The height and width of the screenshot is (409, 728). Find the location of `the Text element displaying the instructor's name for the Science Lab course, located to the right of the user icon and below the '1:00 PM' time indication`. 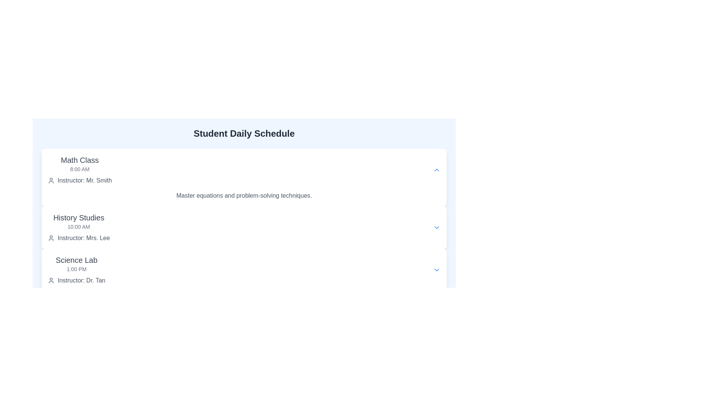

the Text element displaying the instructor's name for the Science Lab course, located to the right of the user icon and below the '1:00 PM' time indication is located at coordinates (82, 280).